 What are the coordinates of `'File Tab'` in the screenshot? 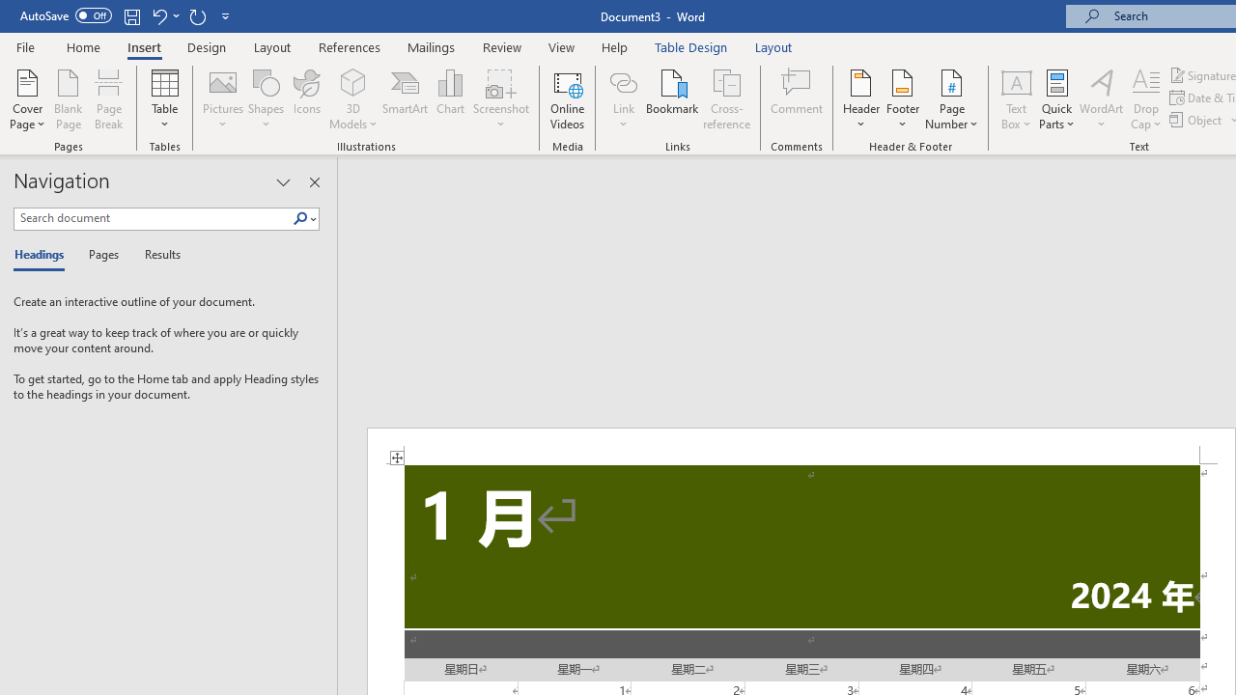 It's located at (25, 45).